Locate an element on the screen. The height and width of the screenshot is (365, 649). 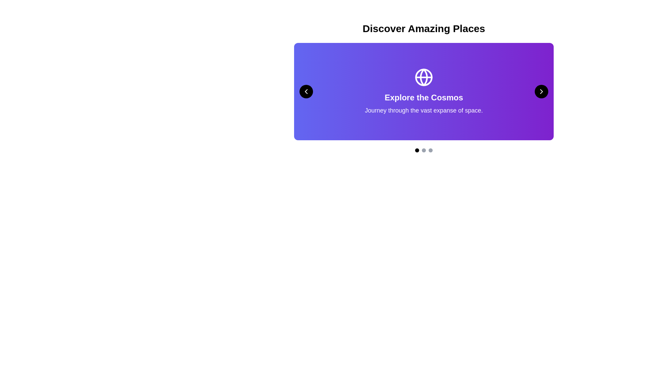
the text display component styled as a heading, which serves as the title for the content in this interface module, located centrally beneath a globe icon is located at coordinates (423, 98).